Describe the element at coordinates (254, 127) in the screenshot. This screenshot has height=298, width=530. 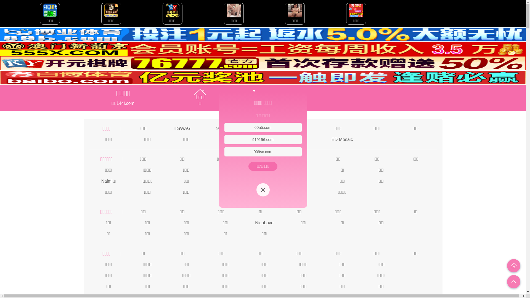
I see `'00u5.com'` at that location.